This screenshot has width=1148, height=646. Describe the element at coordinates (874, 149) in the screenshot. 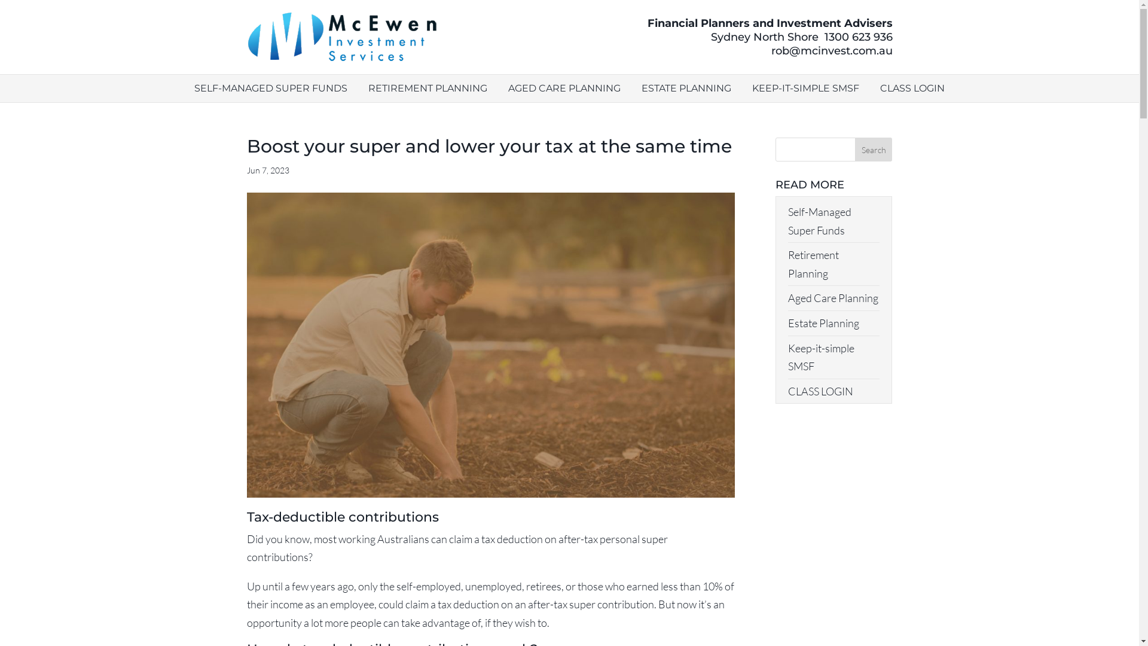

I see `'Search'` at that location.